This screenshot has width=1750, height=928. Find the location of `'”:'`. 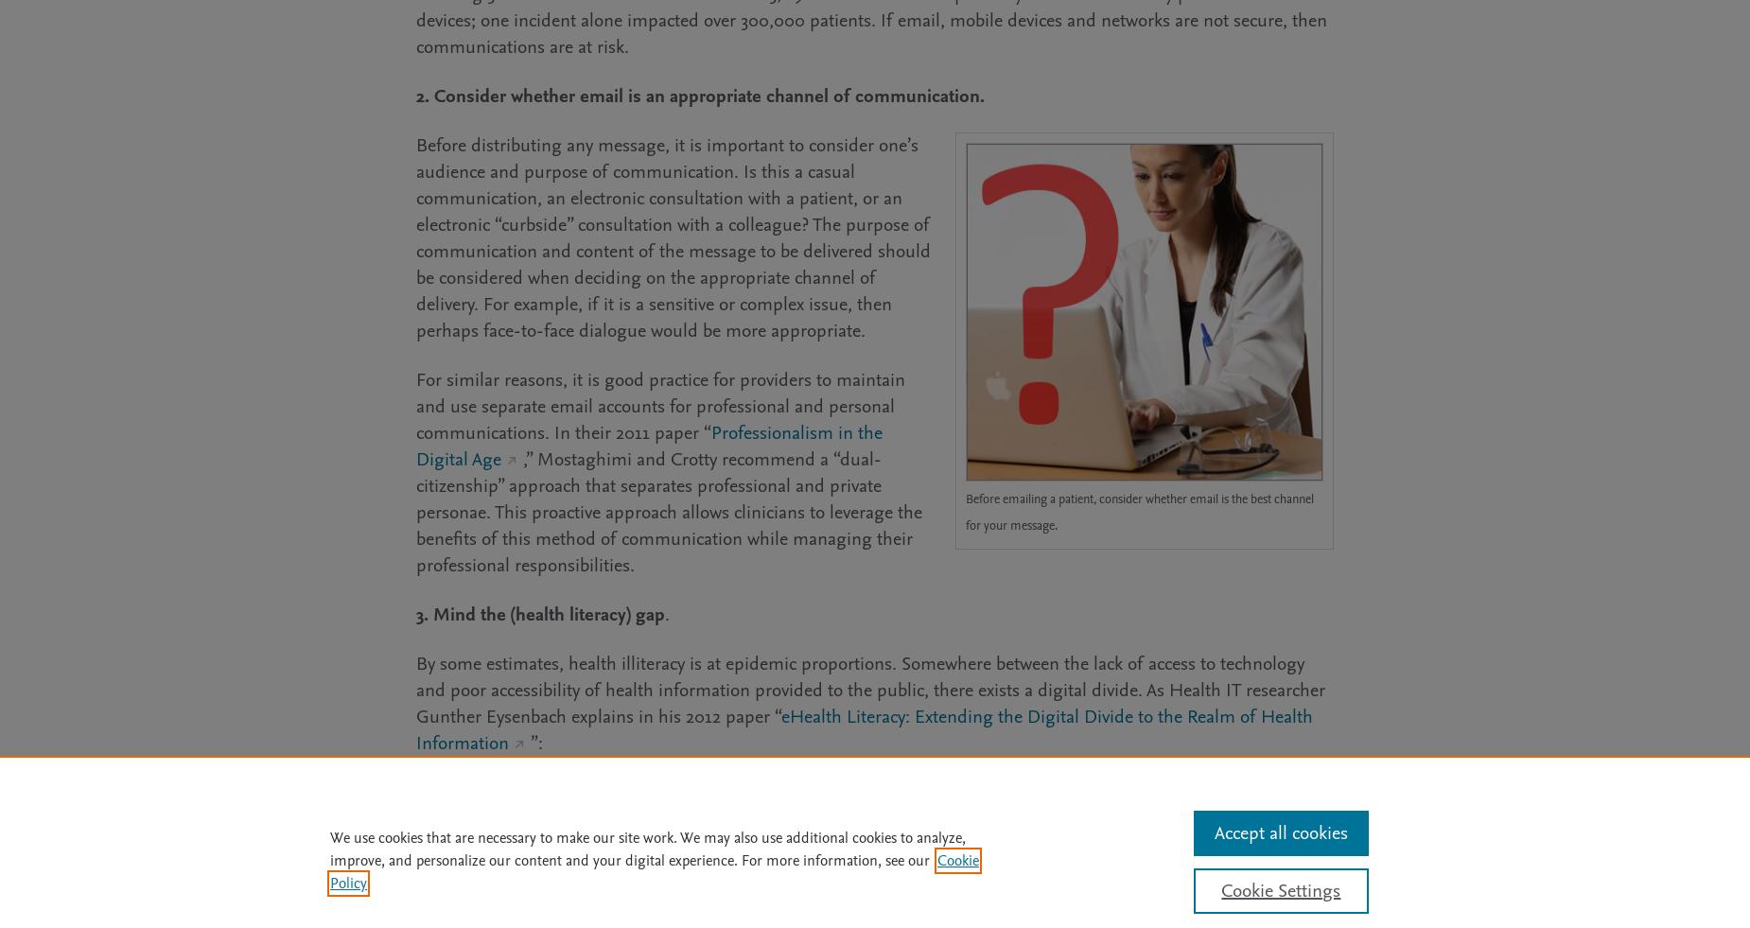

'”:' is located at coordinates (535, 742).